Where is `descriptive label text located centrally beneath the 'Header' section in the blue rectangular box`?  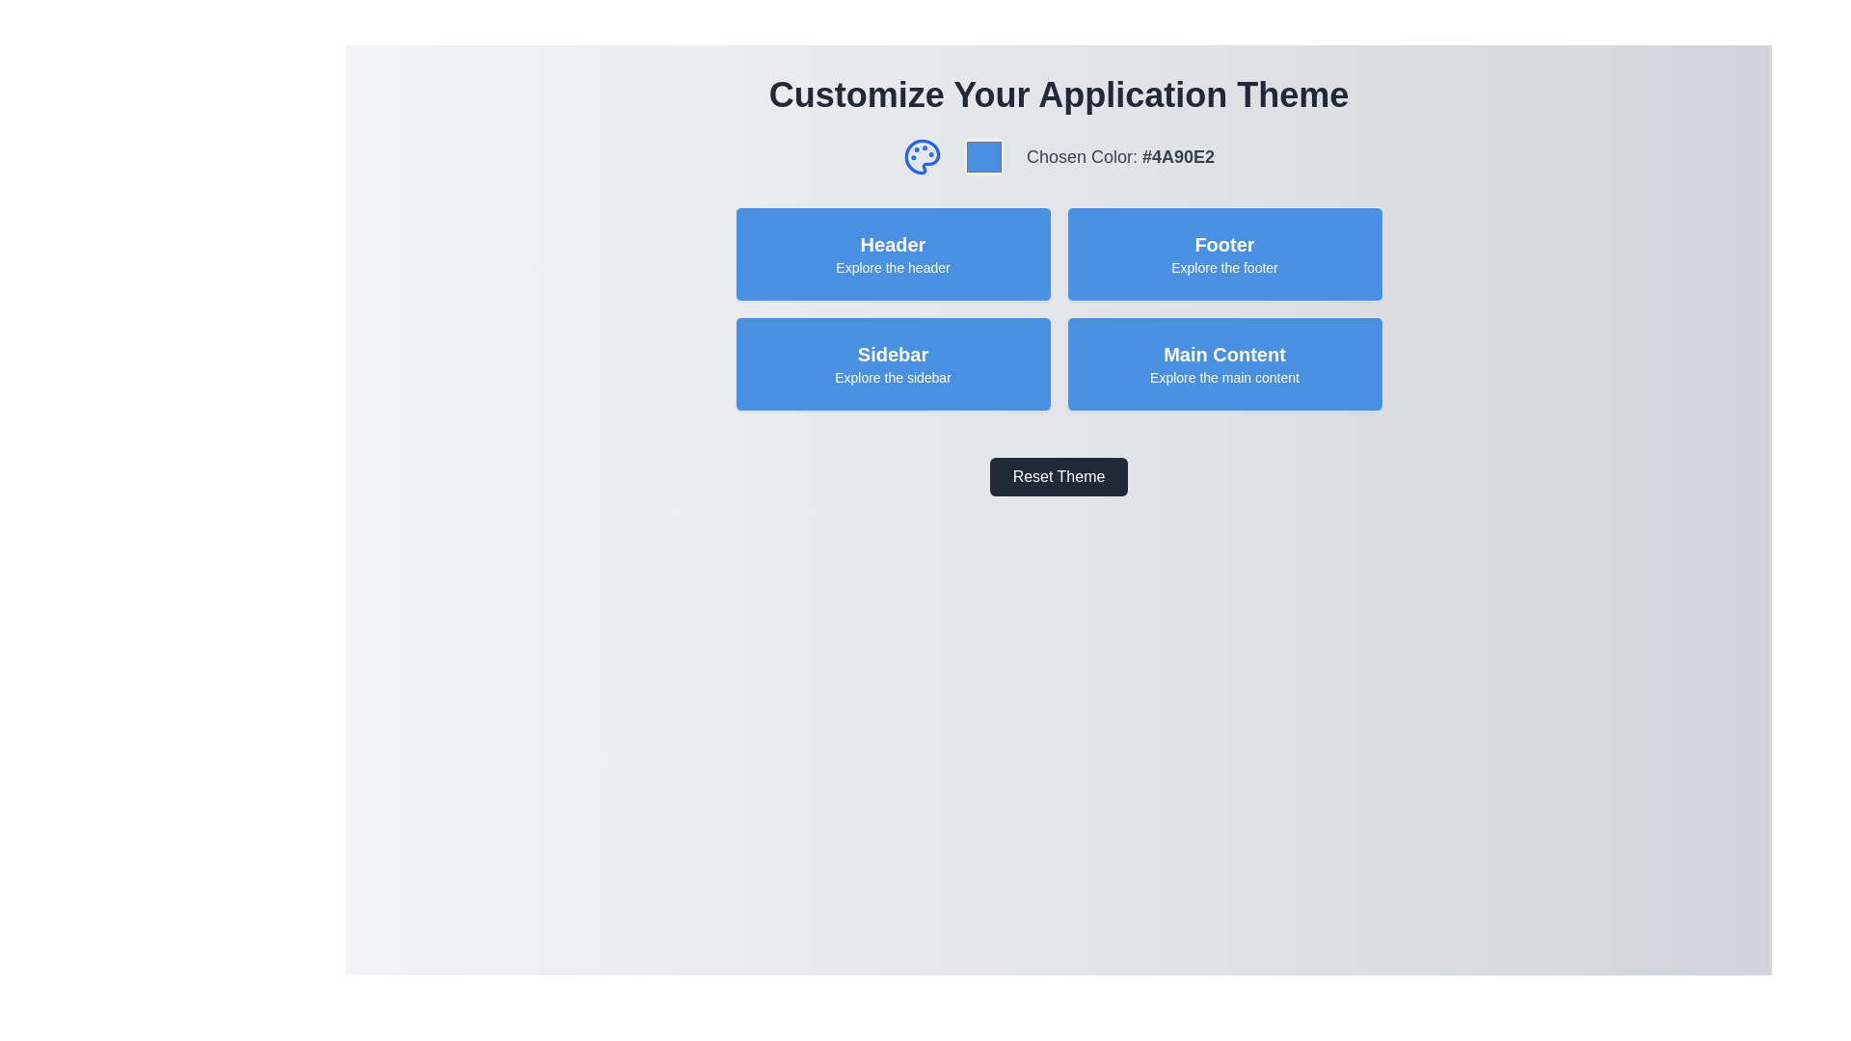 descriptive label text located centrally beneath the 'Header' section in the blue rectangular box is located at coordinates (892, 267).